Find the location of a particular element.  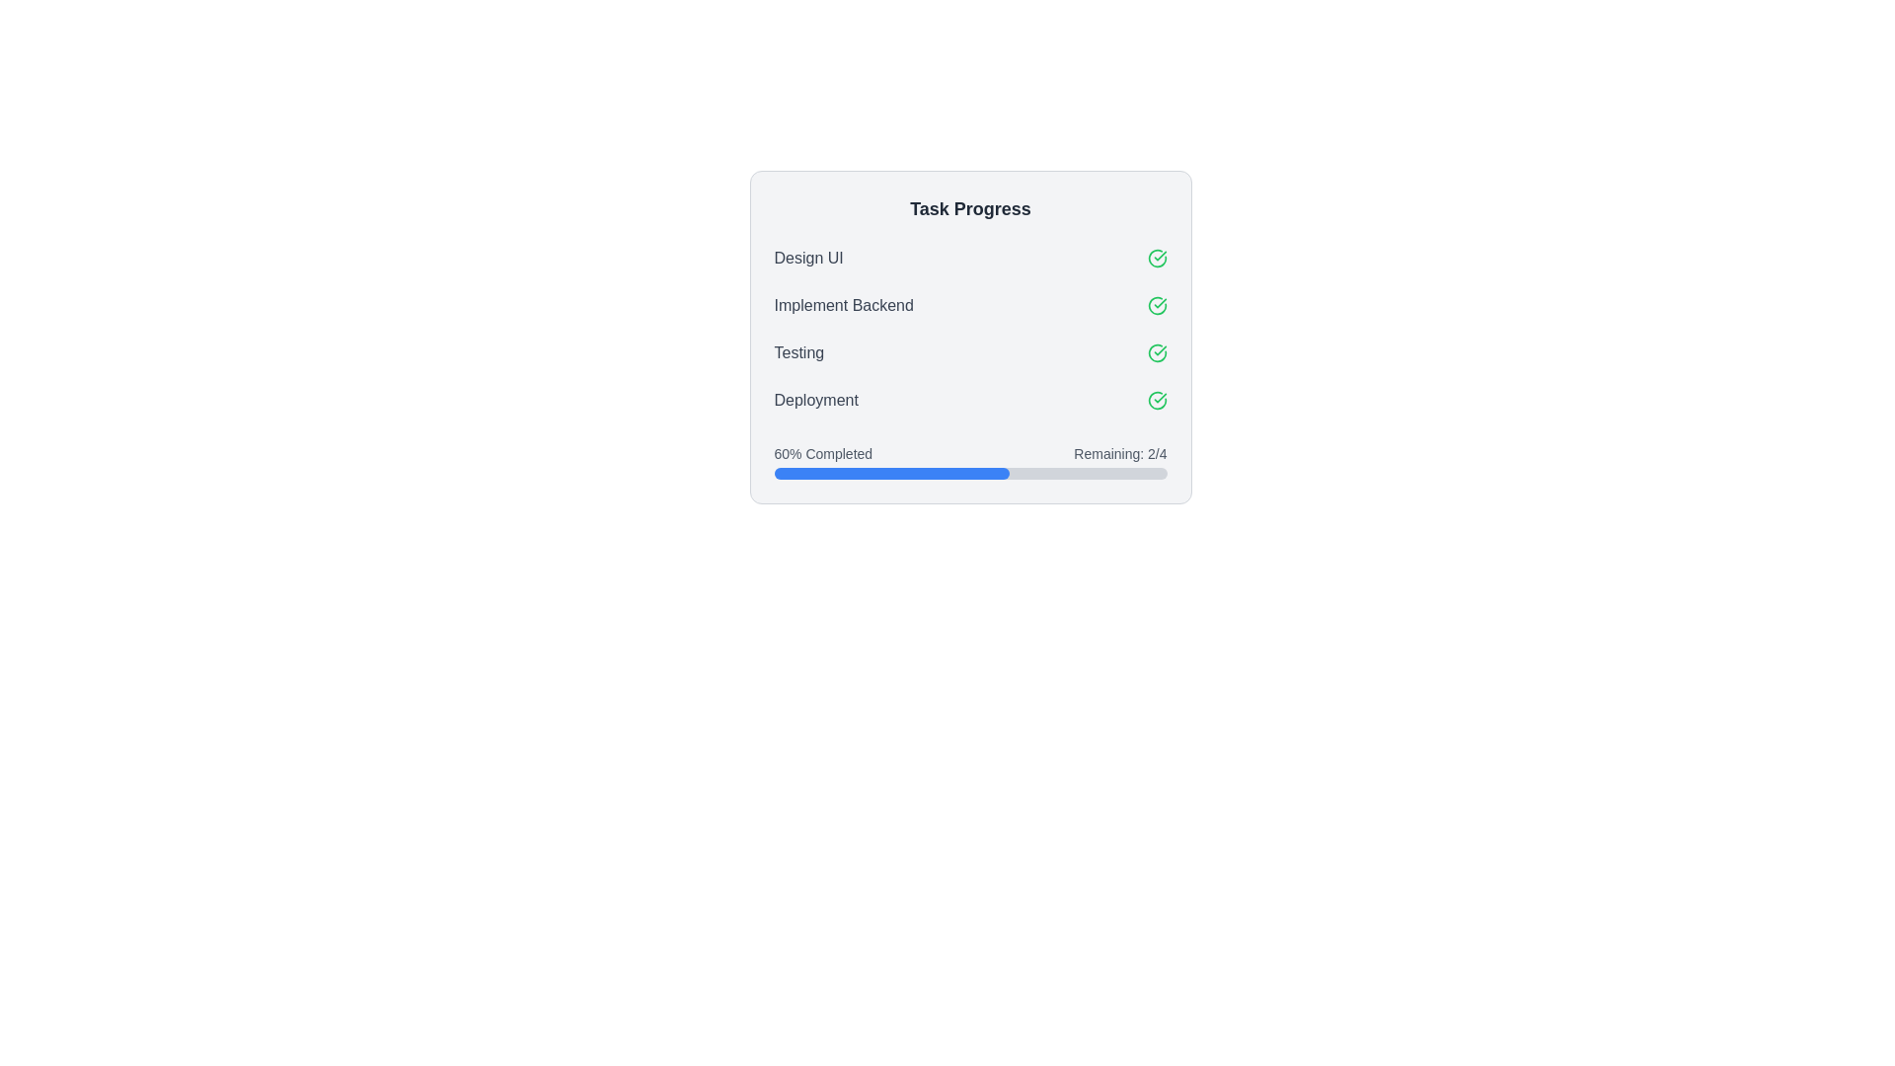

the Completion Indicator Icon, which is a green circular icon with a checkmark inside, located near the text 'Deployment' as the fourth icon in the task sequence is located at coordinates (1157, 400).